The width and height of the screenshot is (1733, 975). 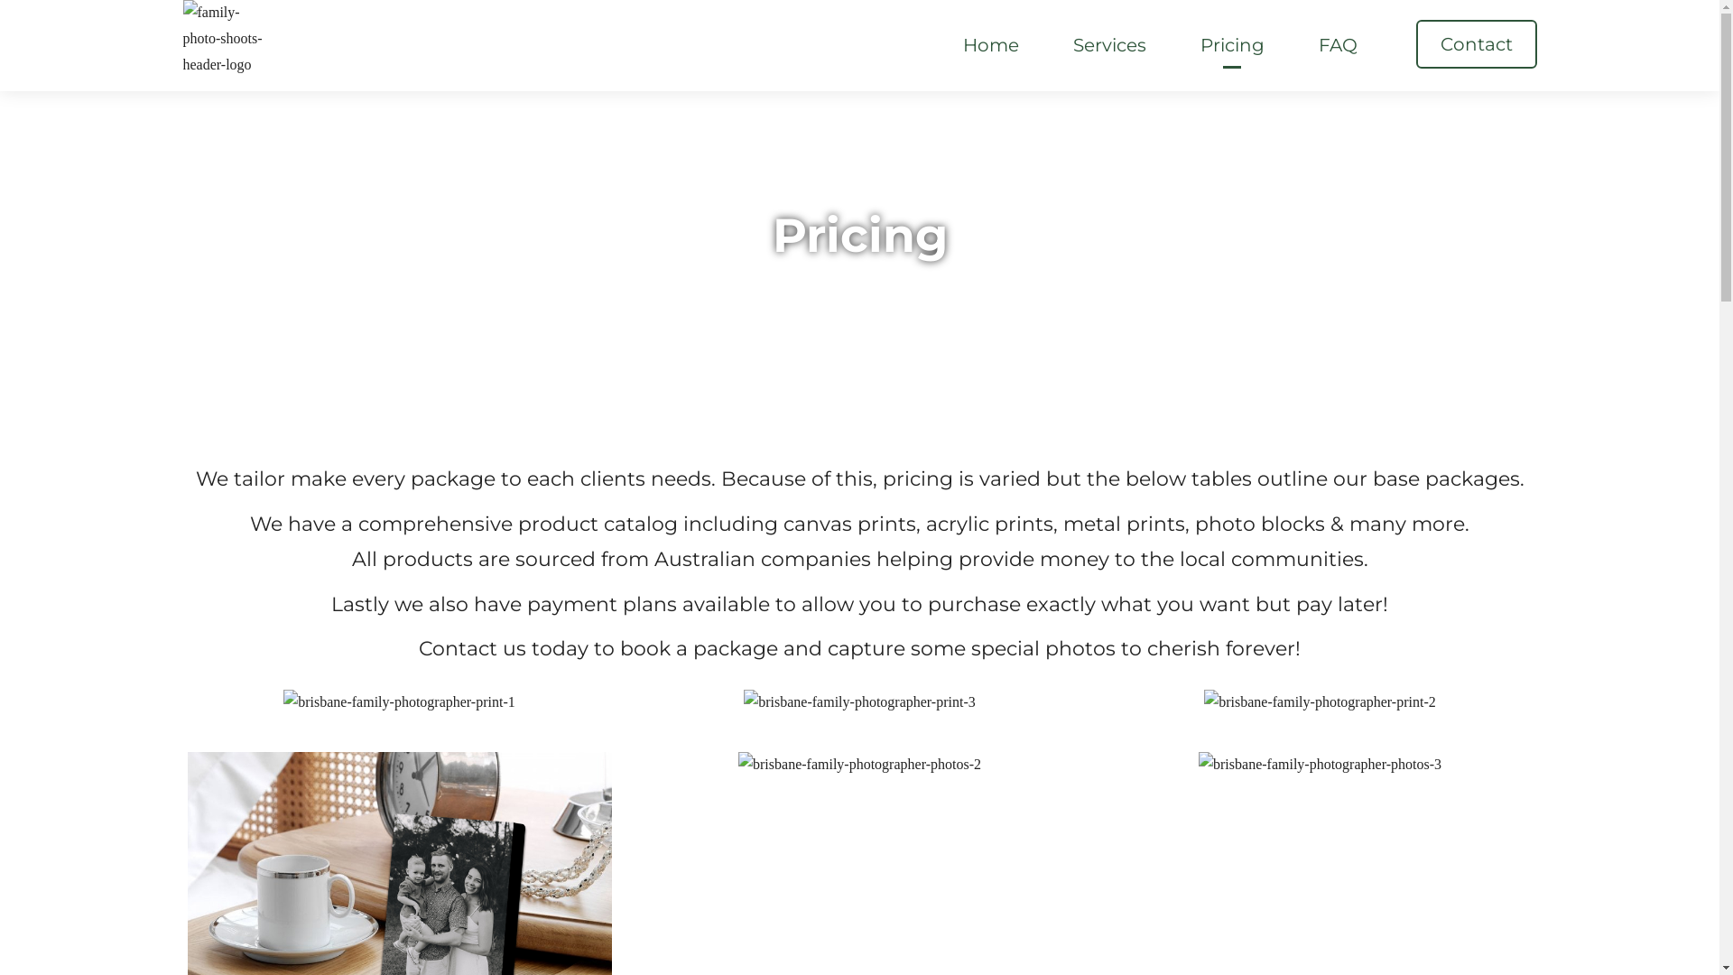 What do you see at coordinates (1230, 44) in the screenshot?
I see `'Pricing'` at bounding box center [1230, 44].